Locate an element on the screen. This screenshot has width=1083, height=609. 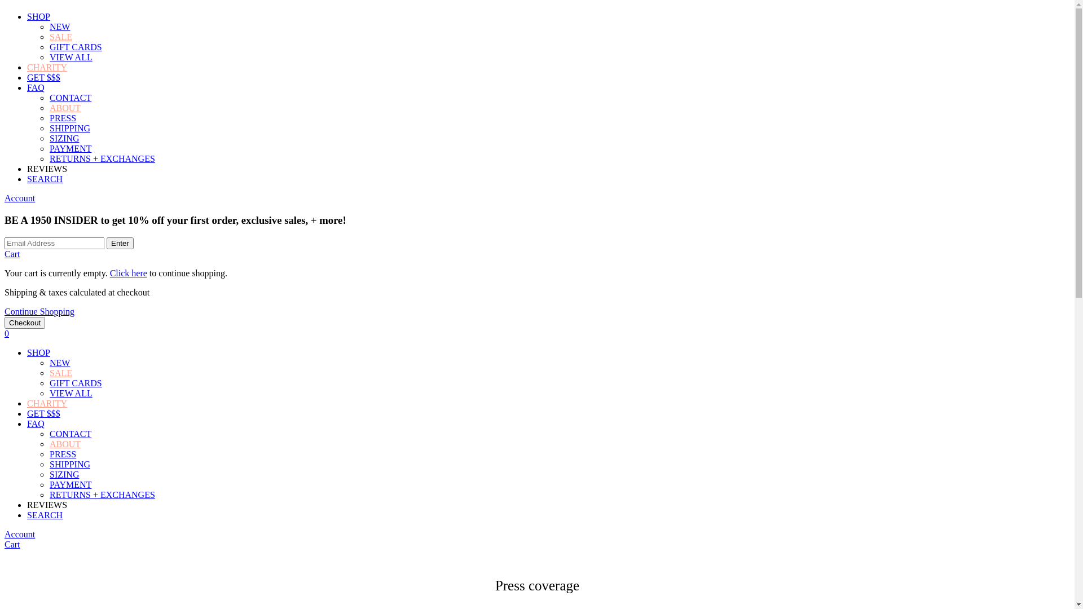
'GIFT CARDS' is located at coordinates (75, 382).